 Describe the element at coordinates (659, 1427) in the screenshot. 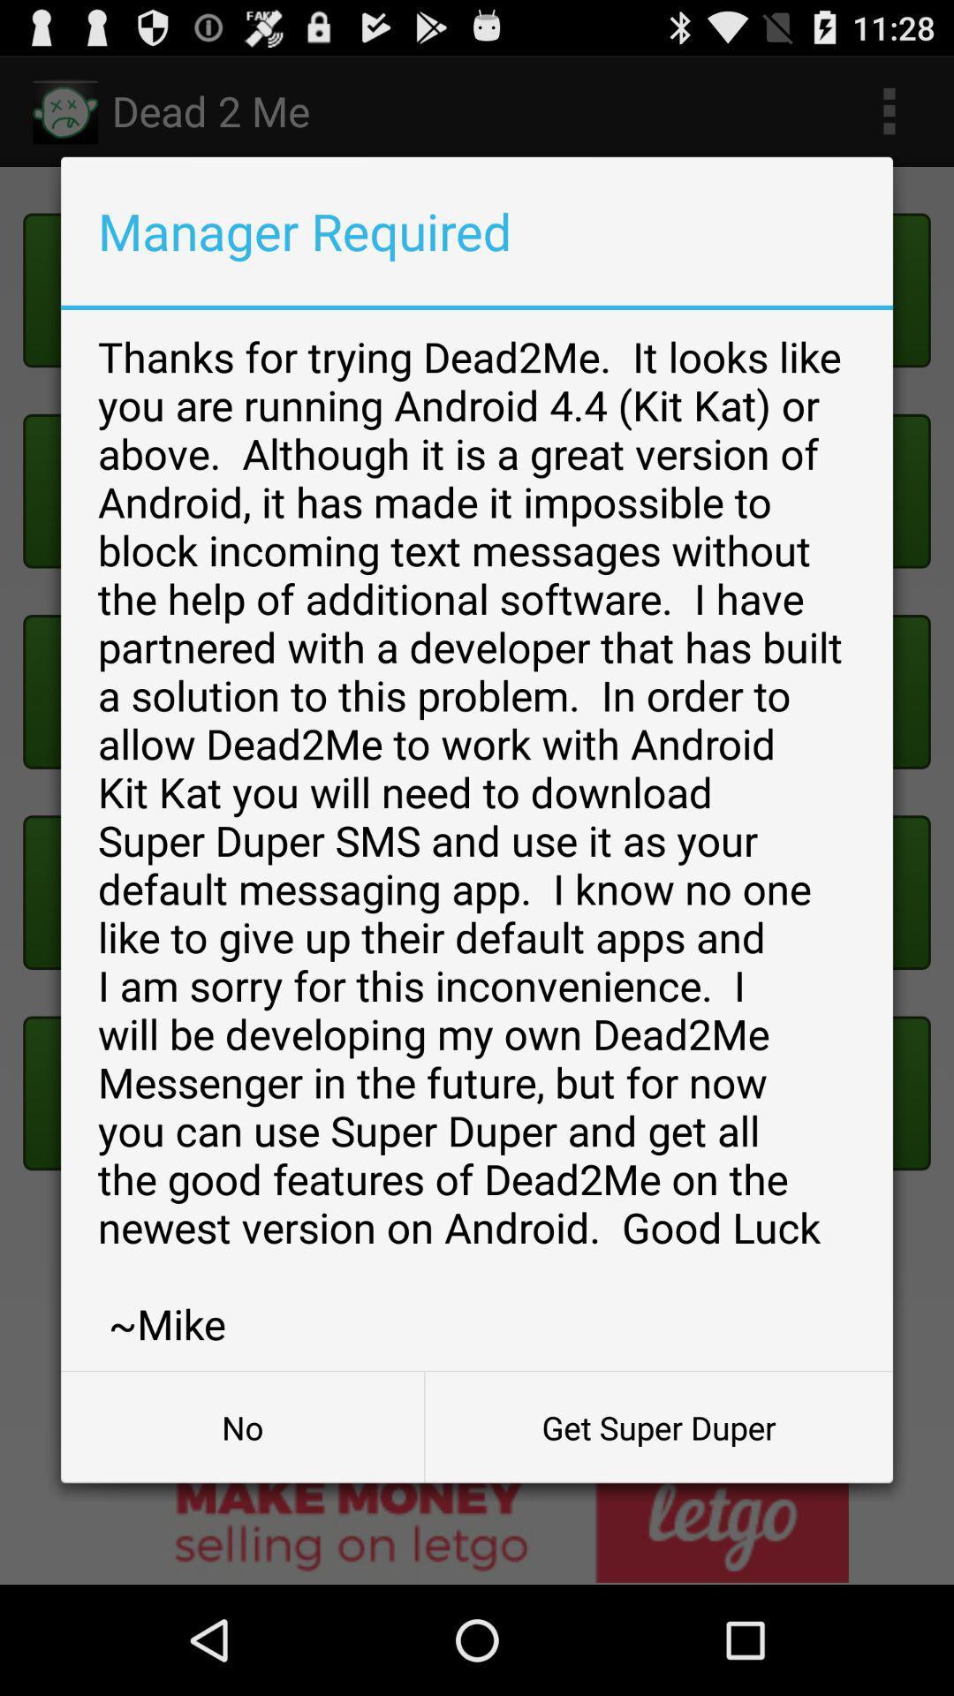

I see `get super duper` at that location.